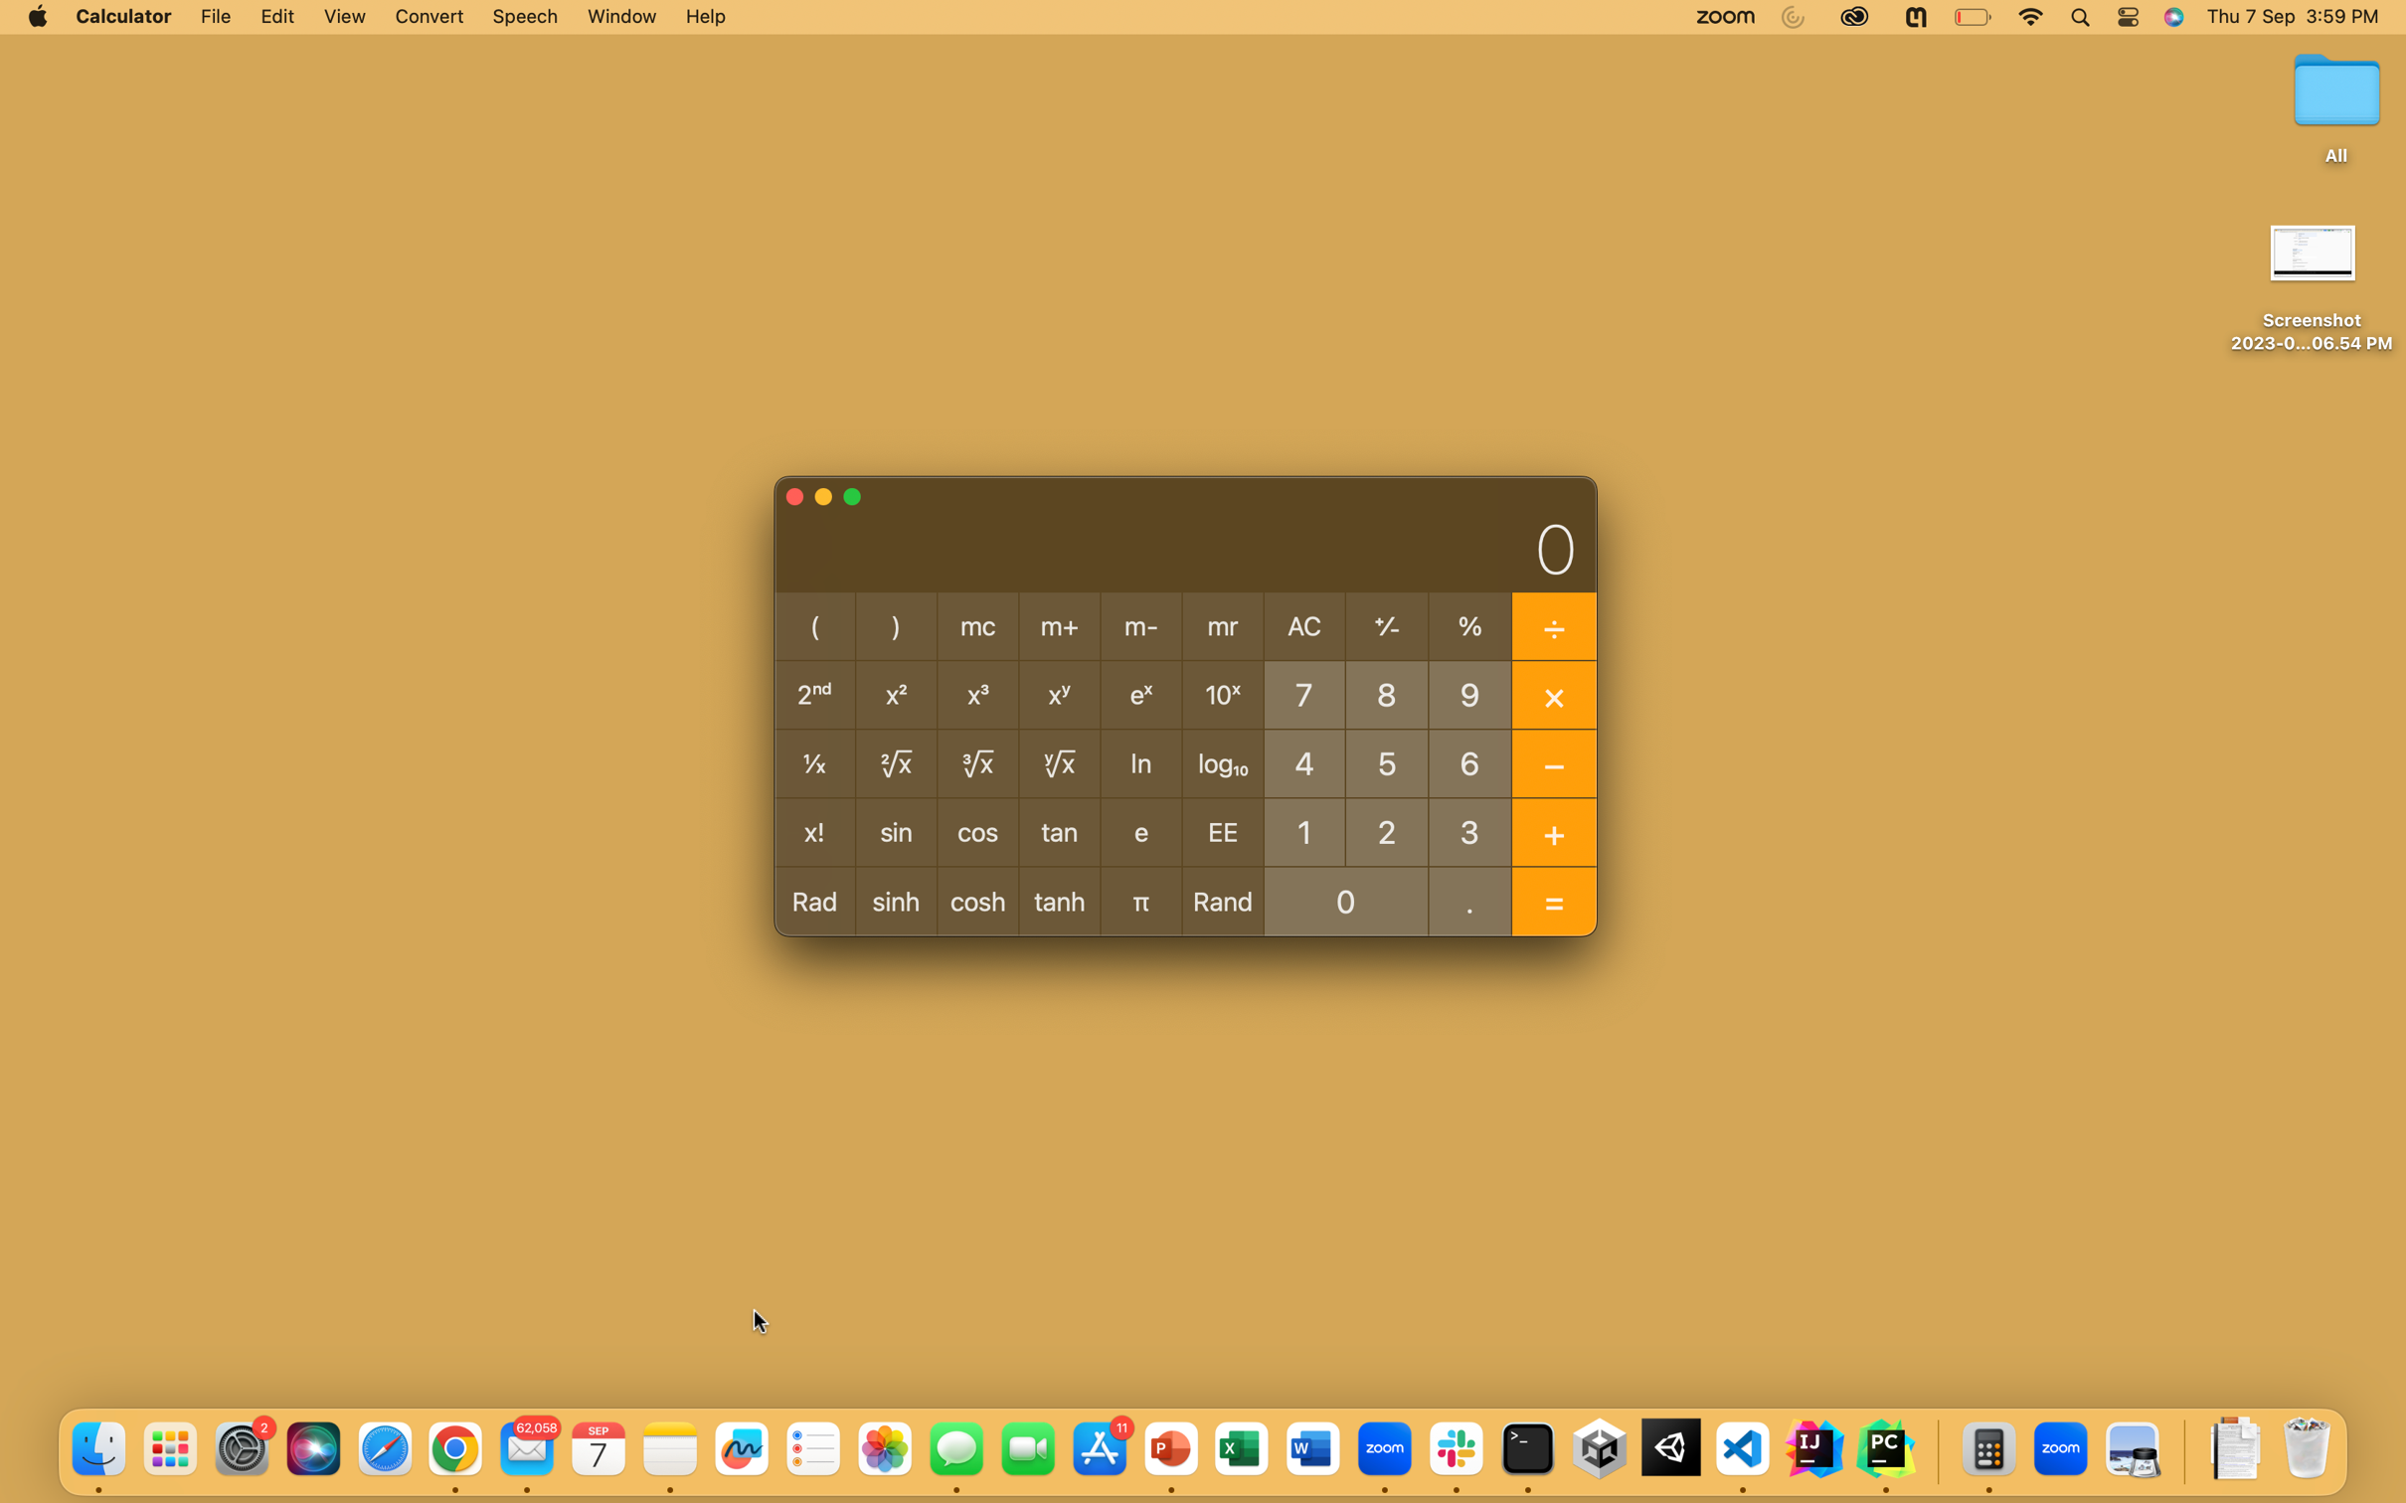 Image resolution: width=2406 pixels, height=1503 pixels. I want to click on Determine the cosine for an angle of 60 degrees, so click(1468, 762).